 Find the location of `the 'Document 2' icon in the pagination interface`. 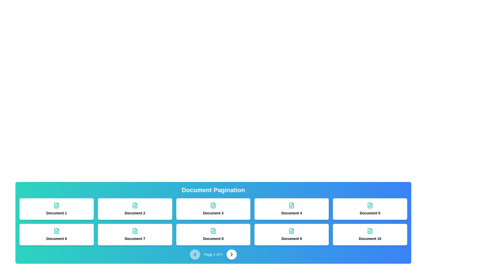

the 'Document 2' icon in the pagination interface is located at coordinates (135, 205).